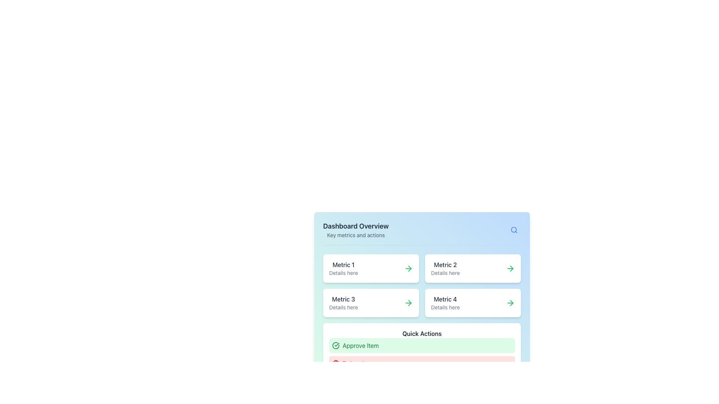 This screenshot has height=404, width=719. What do you see at coordinates (513, 229) in the screenshot?
I see `the circular blue button with a magnifying glass icon at the top-right corner of the dashboard overview section to initiate a search` at bounding box center [513, 229].